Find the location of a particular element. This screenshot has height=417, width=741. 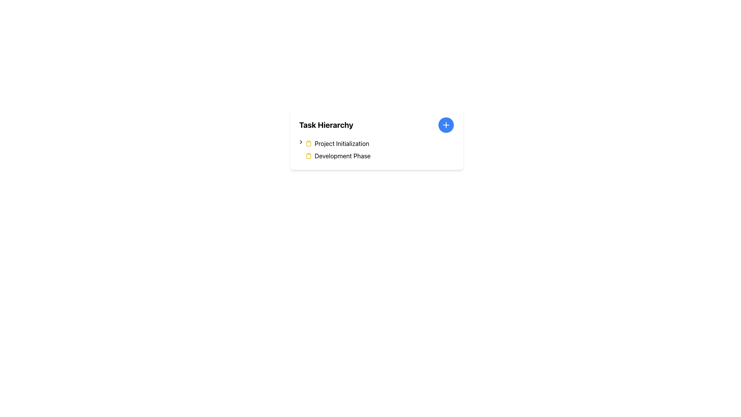

the icon representing 'Project Initialization', which is visually aligned to the left of the corresponding text is located at coordinates (308, 143).